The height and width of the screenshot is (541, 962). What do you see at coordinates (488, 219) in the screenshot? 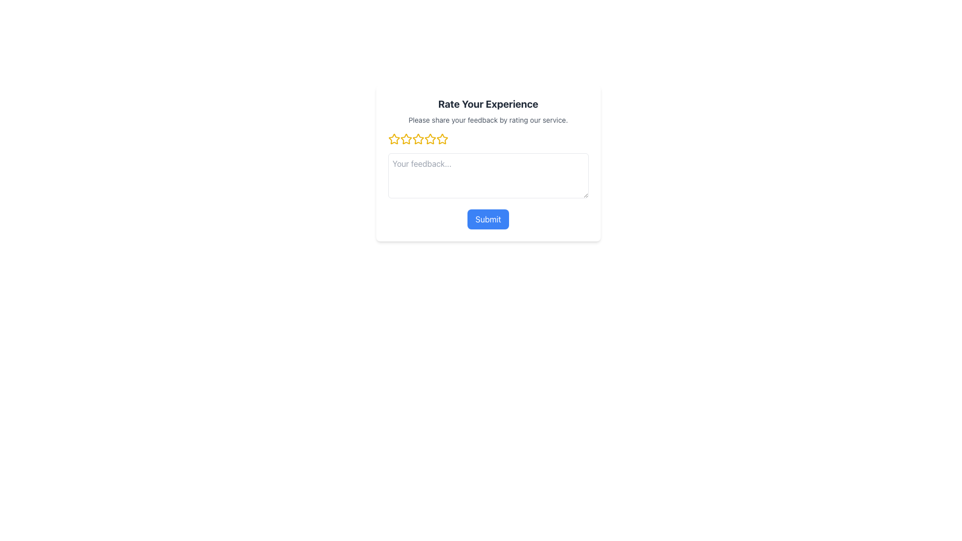
I see `the 'Submit' button with a blue background and white text` at bounding box center [488, 219].